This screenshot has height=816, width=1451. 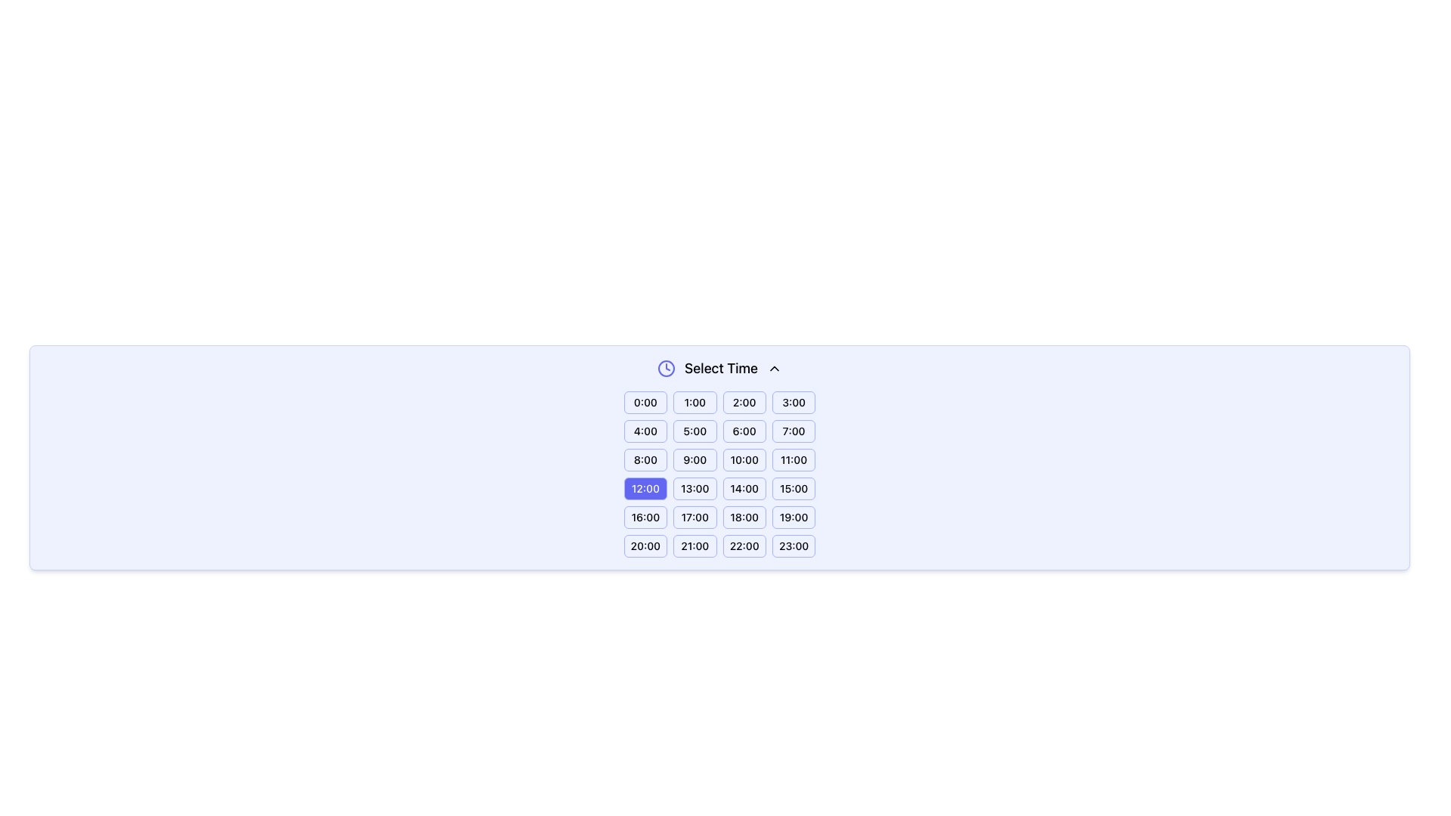 What do you see at coordinates (793, 517) in the screenshot?
I see `the rectangular button displaying '19:00' in the fifth row, fourth column of the time options grid` at bounding box center [793, 517].